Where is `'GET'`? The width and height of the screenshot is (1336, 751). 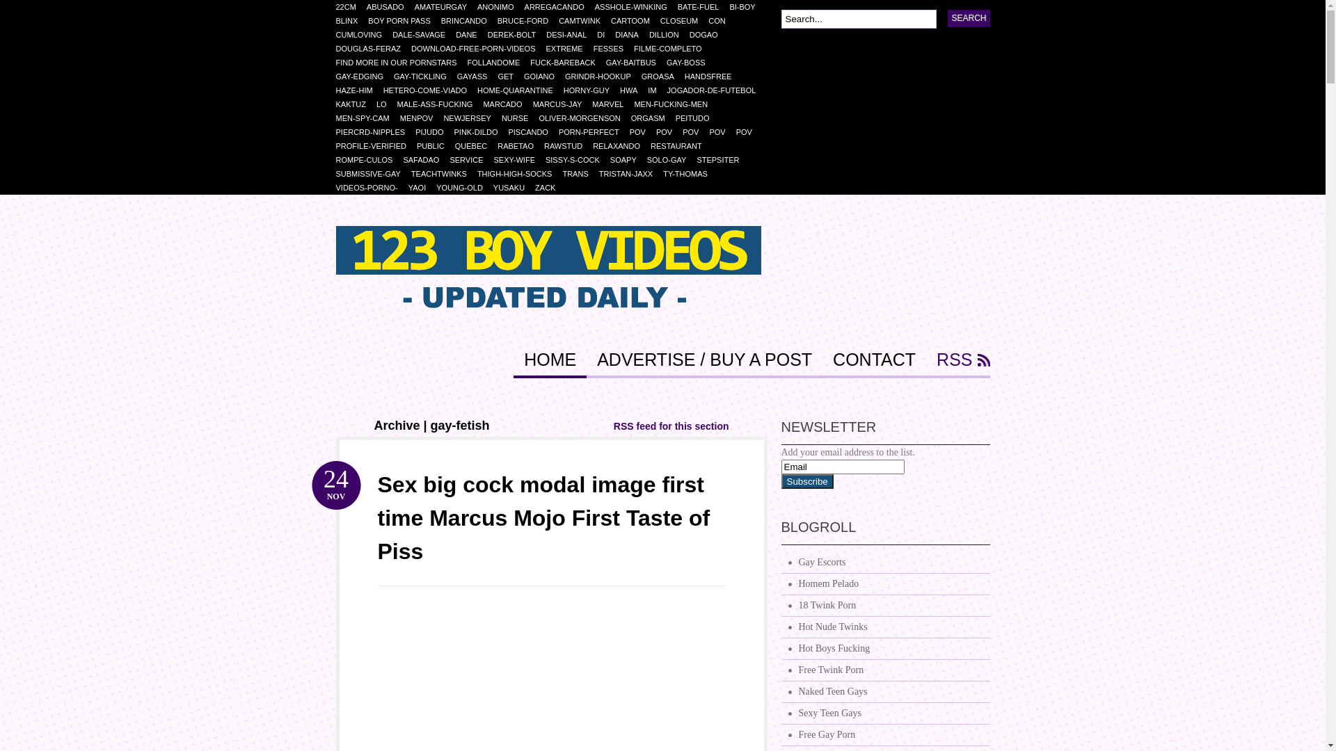 'GET' is located at coordinates (510, 76).